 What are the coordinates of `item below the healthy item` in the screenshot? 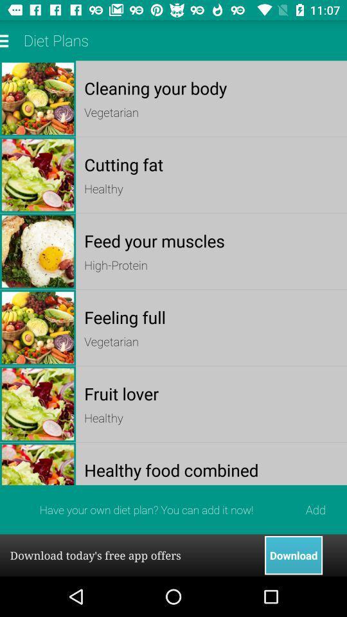 It's located at (211, 469).